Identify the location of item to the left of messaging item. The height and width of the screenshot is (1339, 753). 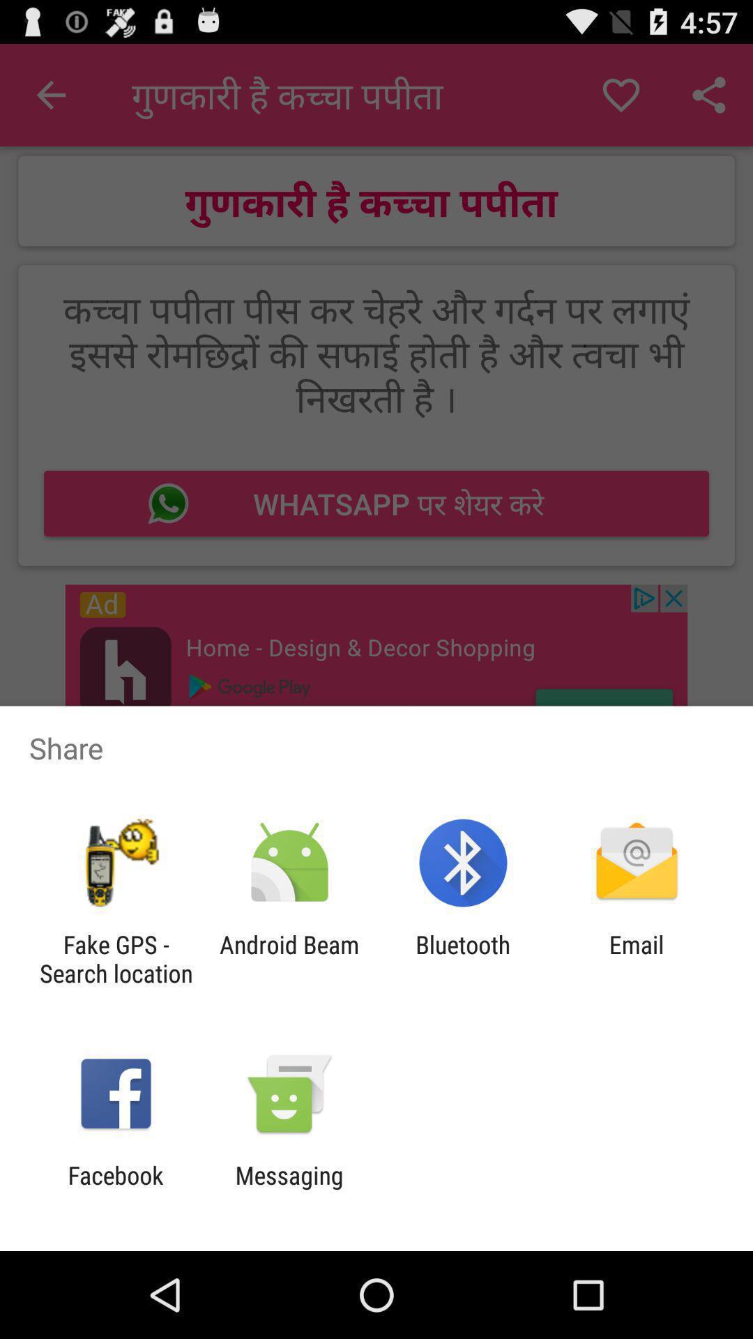
(115, 1189).